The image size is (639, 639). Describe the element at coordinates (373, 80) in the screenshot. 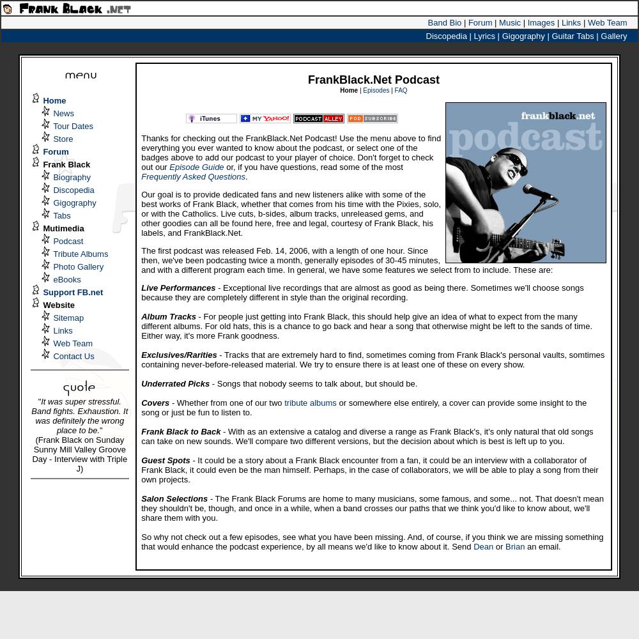

I see `'FrankBlack.Net Podcast'` at that location.